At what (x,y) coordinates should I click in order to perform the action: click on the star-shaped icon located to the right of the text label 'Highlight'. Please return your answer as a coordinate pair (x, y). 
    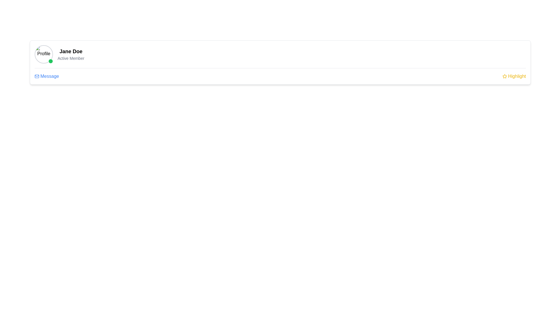
    Looking at the image, I should click on (504, 76).